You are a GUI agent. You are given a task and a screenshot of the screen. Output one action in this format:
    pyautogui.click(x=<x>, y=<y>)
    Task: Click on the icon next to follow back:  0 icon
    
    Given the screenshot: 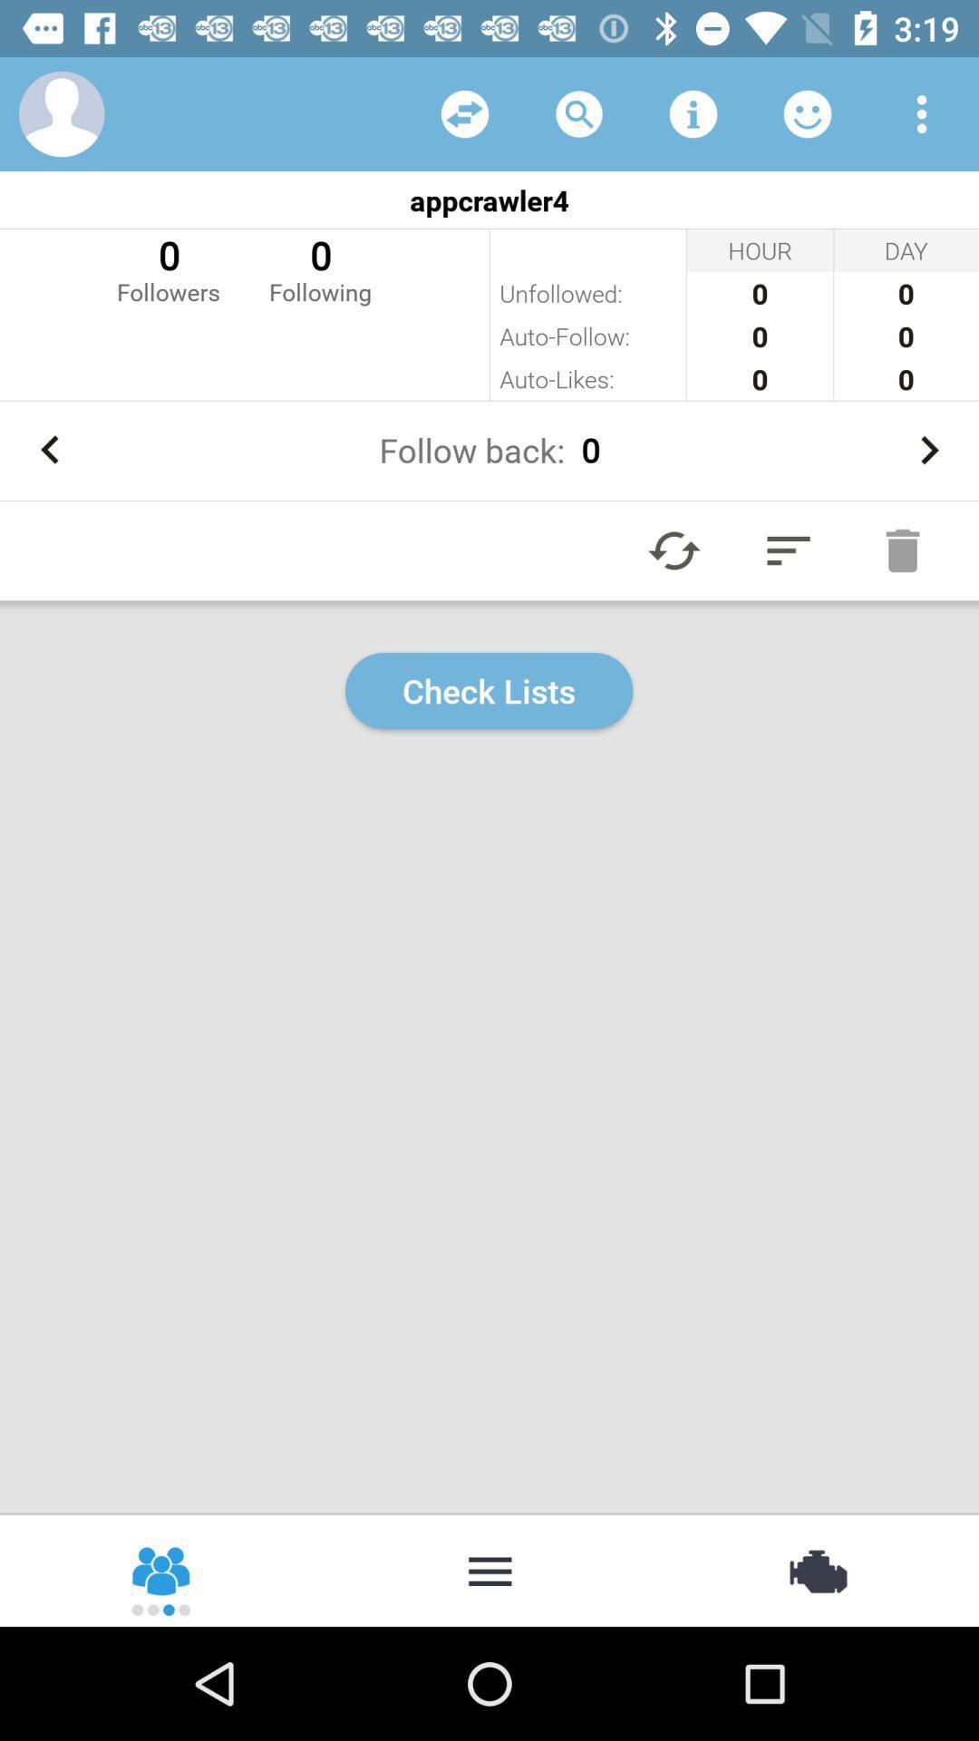 What is the action you would take?
    pyautogui.click(x=928, y=450)
    